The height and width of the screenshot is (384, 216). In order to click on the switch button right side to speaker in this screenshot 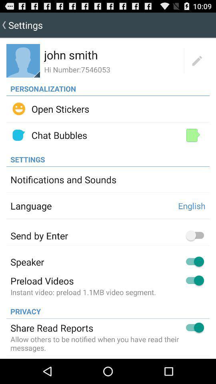, I will do `click(194, 262)`.